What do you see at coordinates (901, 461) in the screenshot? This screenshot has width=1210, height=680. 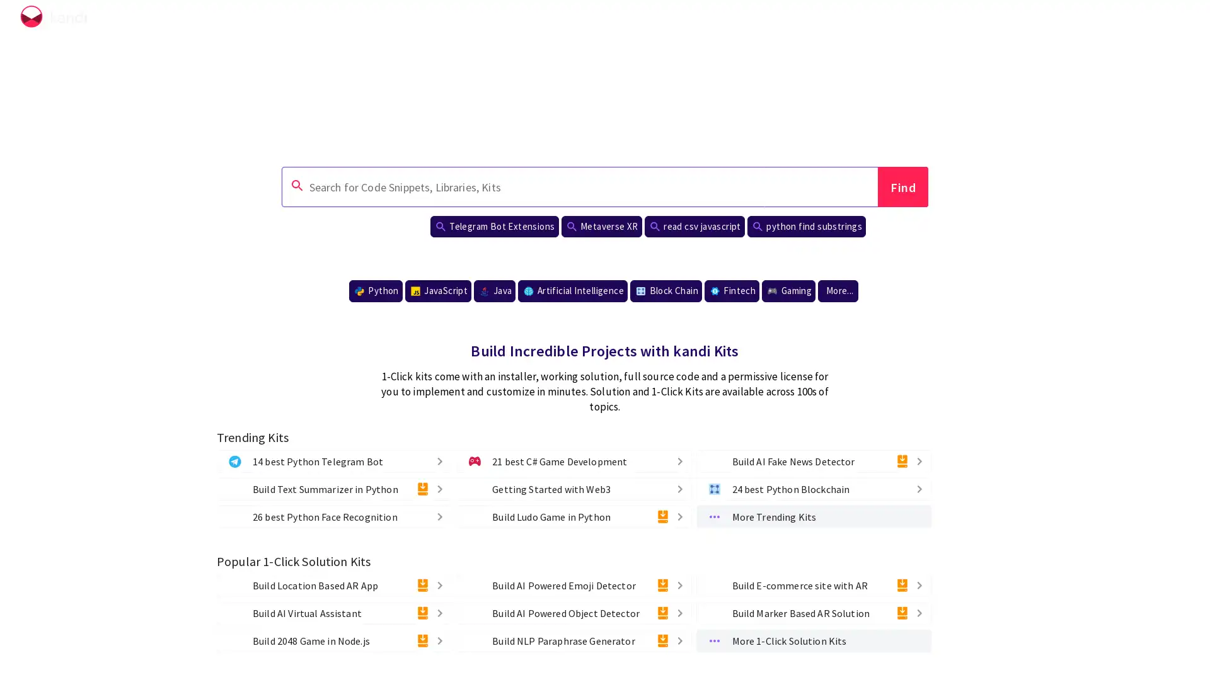 I see `delete` at bounding box center [901, 461].